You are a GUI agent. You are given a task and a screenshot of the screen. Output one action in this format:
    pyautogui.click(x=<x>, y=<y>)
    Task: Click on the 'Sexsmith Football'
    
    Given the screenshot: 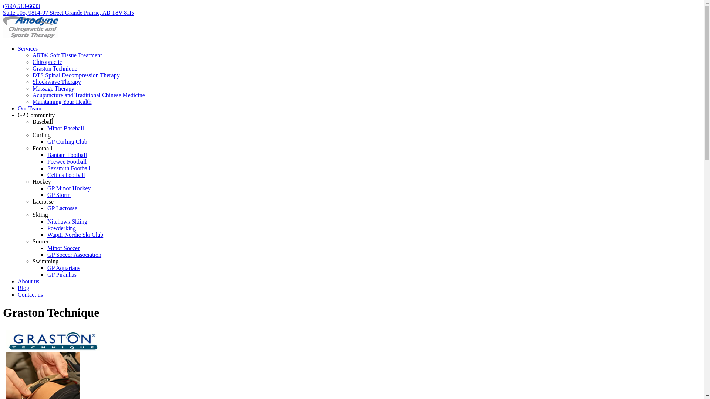 What is the action you would take?
    pyautogui.click(x=69, y=168)
    